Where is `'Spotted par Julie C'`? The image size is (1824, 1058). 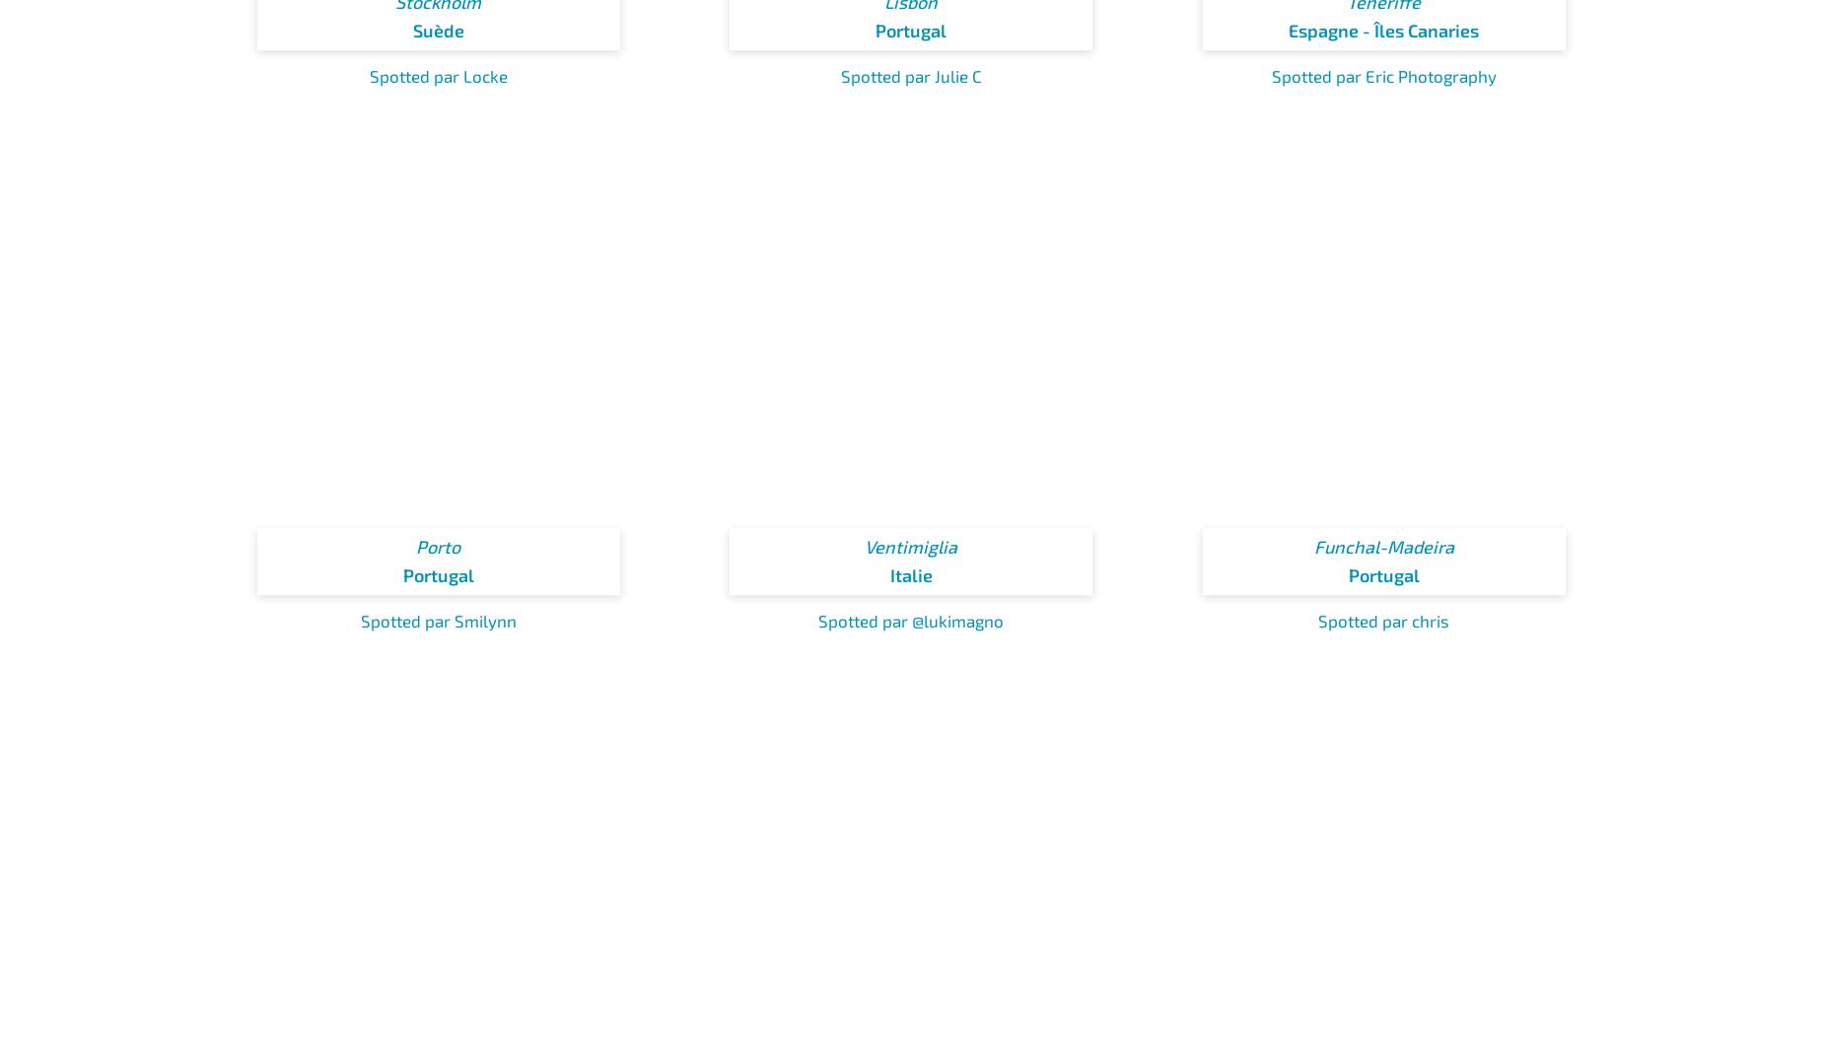
'Spotted par Julie C' is located at coordinates (910, 76).